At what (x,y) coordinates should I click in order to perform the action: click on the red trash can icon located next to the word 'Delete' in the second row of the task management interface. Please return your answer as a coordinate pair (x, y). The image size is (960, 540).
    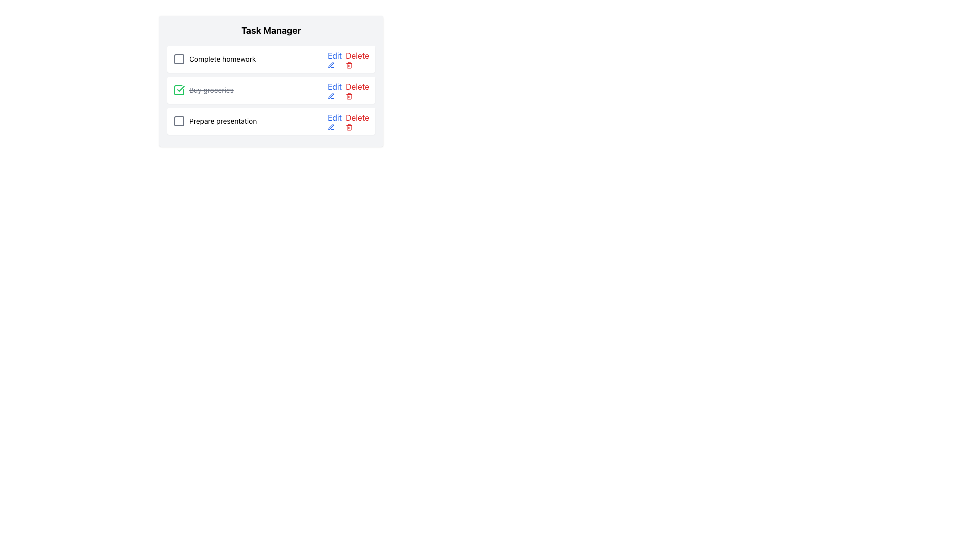
    Looking at the image, I should click on (349, 96).